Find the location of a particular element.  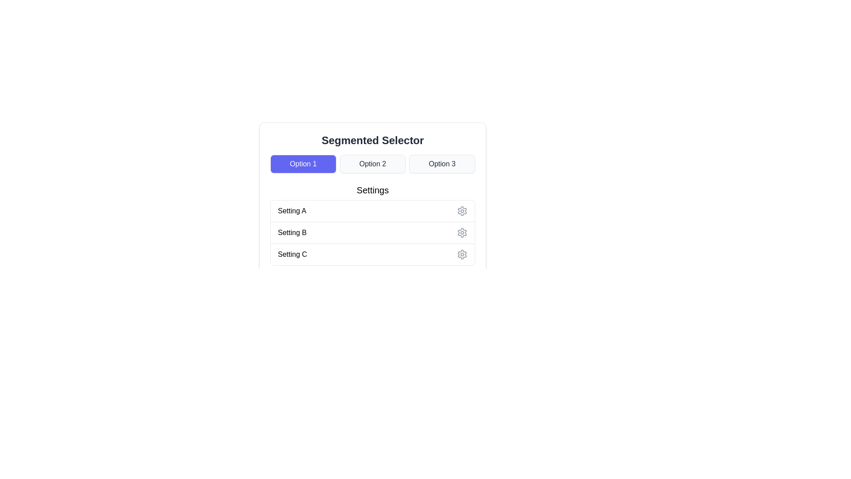

the leftmost button labeled 'Option 1' in the segmented selector is located at coordinates (303, 164).